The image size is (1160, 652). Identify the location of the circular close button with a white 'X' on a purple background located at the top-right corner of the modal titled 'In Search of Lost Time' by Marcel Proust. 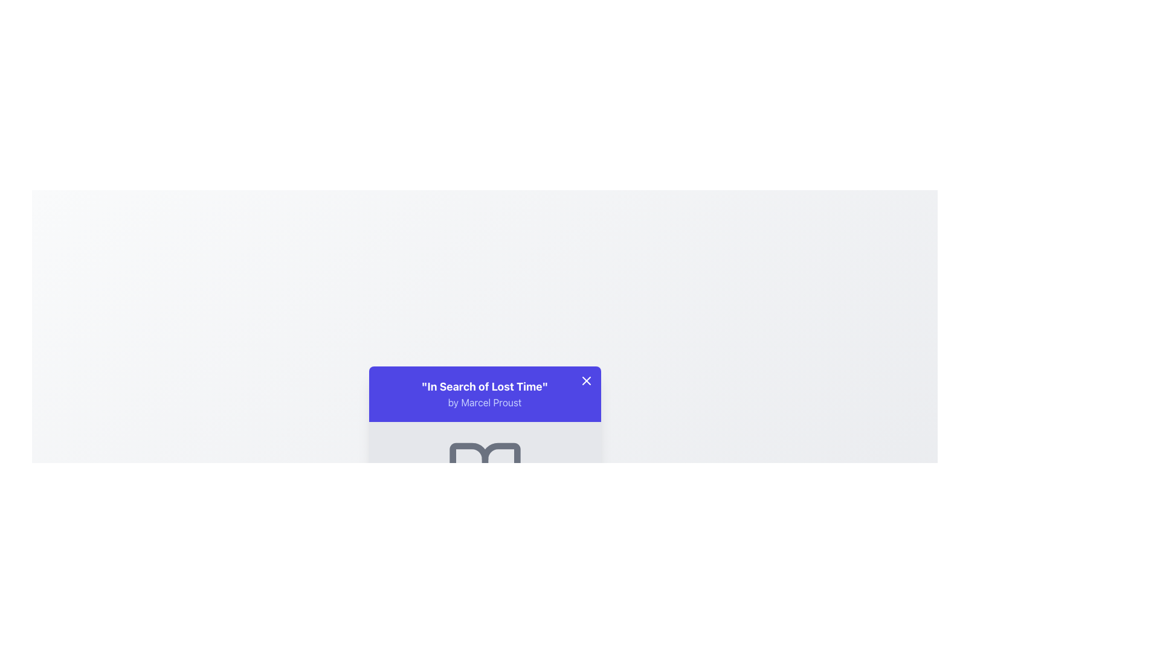
(586, 381).